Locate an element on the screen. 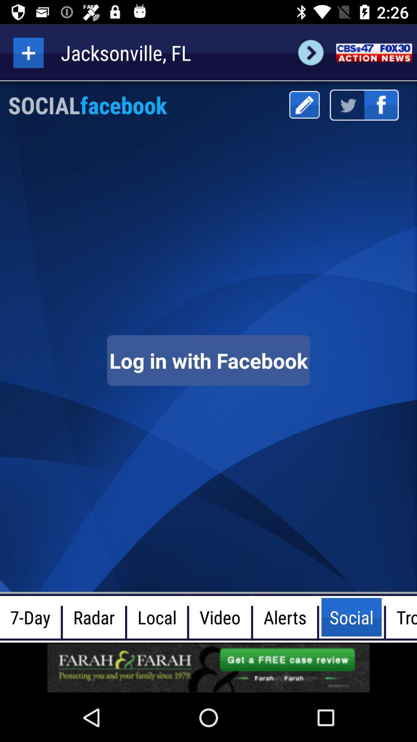 The width and height of the screenshot is (417, 742). the edit icon is located at coordinates (304, 104).